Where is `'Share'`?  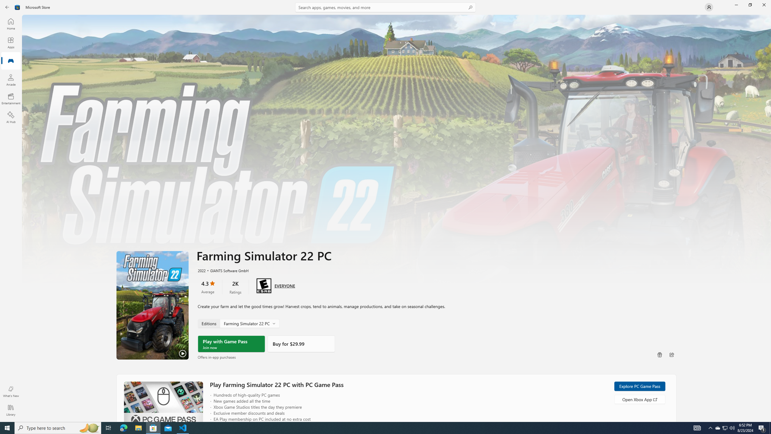 'Share' is located at coordinates (671, 354).